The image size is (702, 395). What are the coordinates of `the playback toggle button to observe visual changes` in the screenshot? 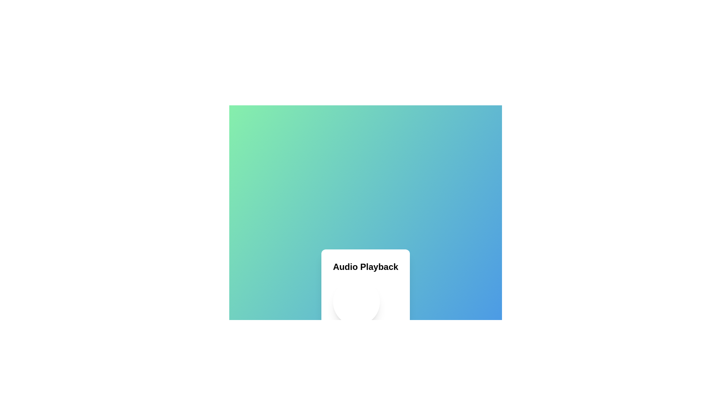 It's located at (356, 302).